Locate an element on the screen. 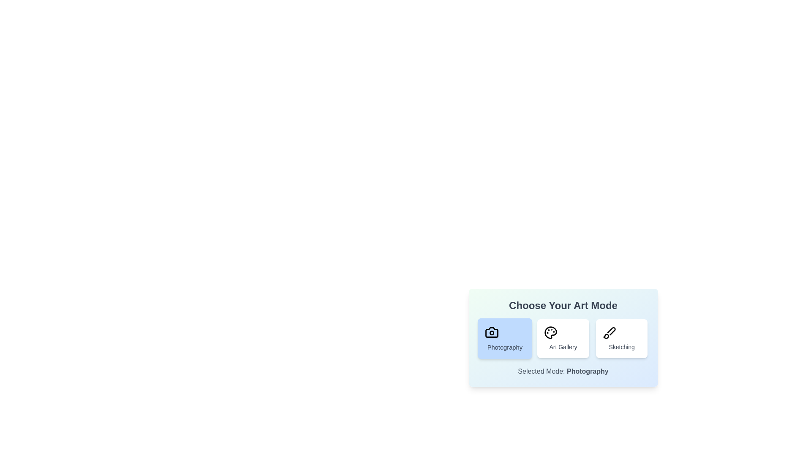 The width and height of the screenshot is (811, 456). the art mode by clicking on the button corresponding to Sketching is located at coordinates (622, 338).